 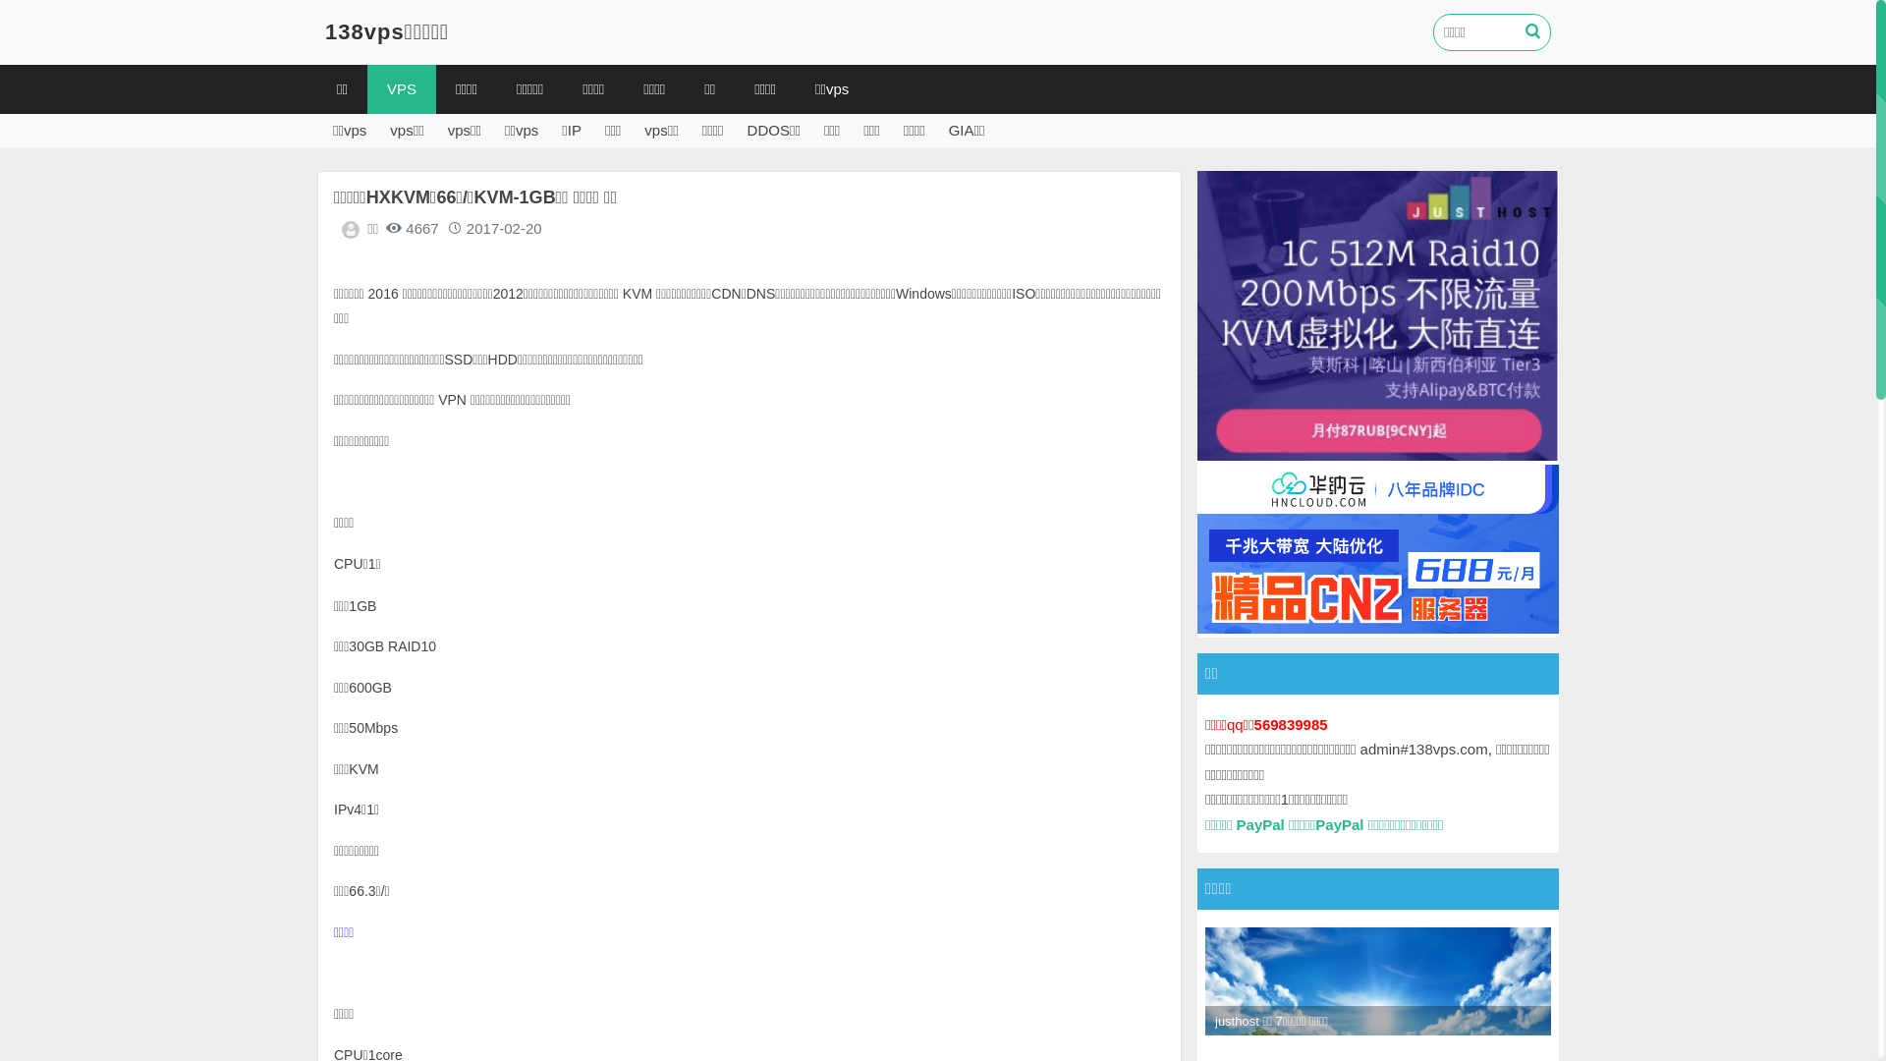 What do you see at coordinates (367, 89) in the screenshot?
I see `'VPS'` at bounding box center [367, 89].